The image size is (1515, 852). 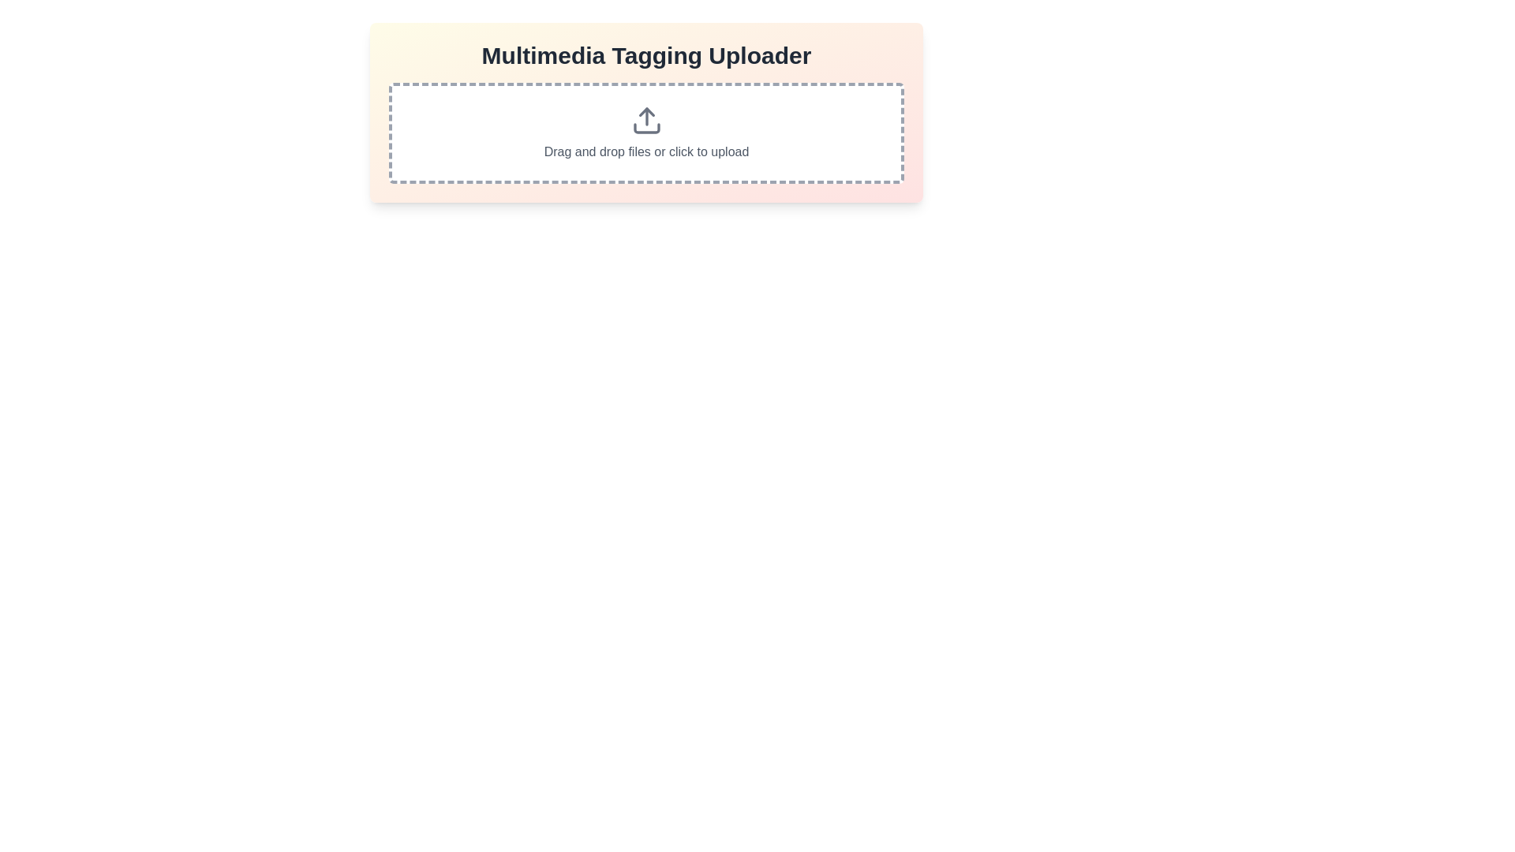 What do you see at coordinates (646, 133) in the screenshot?
I see `the file upload area located below the title 'Multimedia Tagging Uploader'` at bounding box center [646, 133].